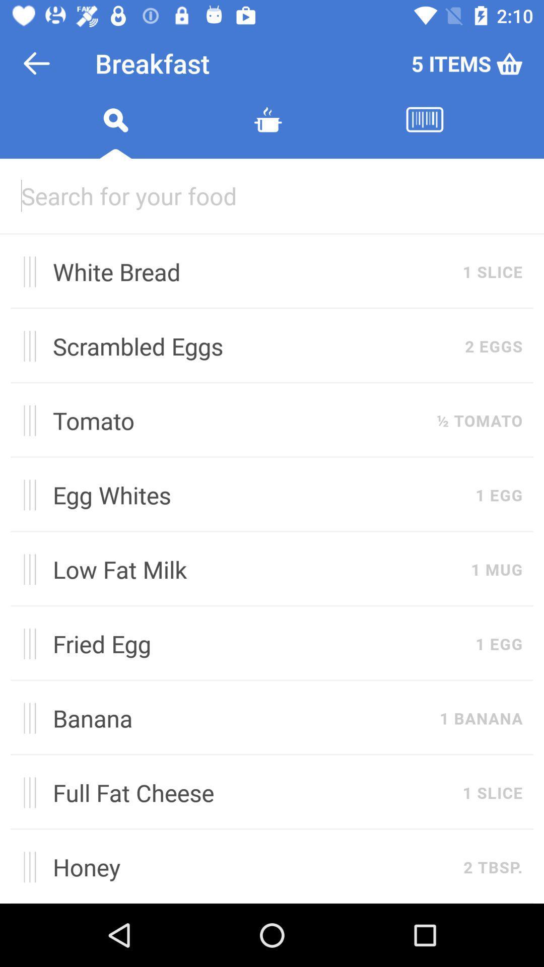 Image resolution: width=544 pixels, height=967 pixels. What do you see at coordinates (36, 62) in the screenshot?
I see `the item to the left of breakfast` at bounding box center [36, 62].